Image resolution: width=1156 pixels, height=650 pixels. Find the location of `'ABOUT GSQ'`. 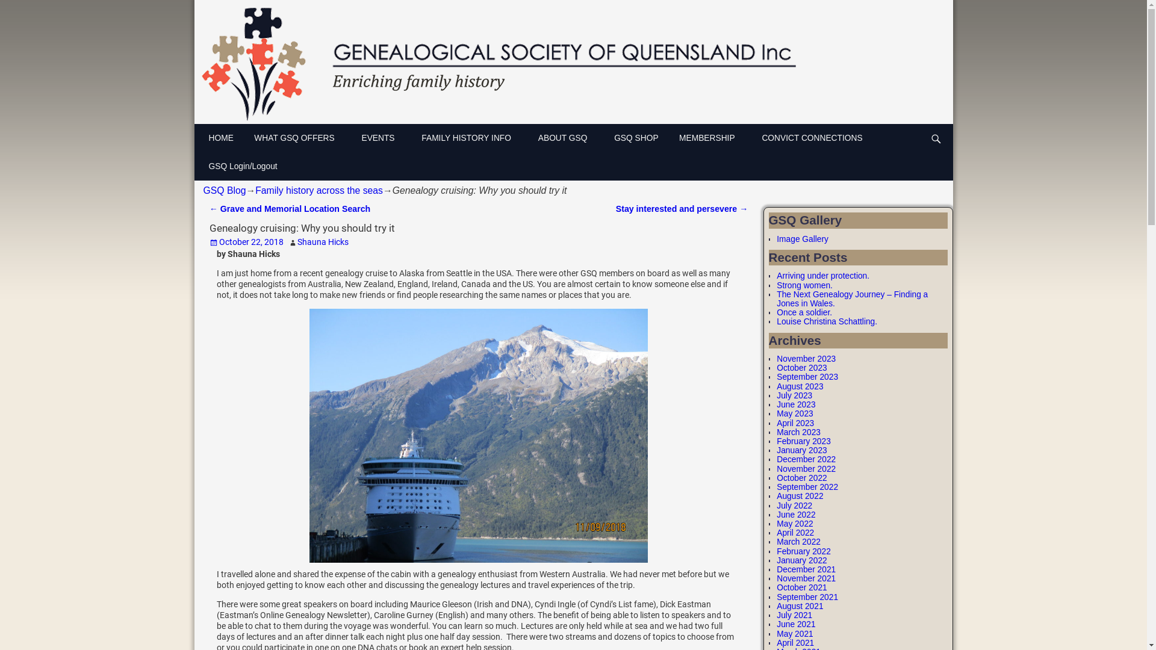

'ABOUT GSQ' is located at coordinates (568, 137).